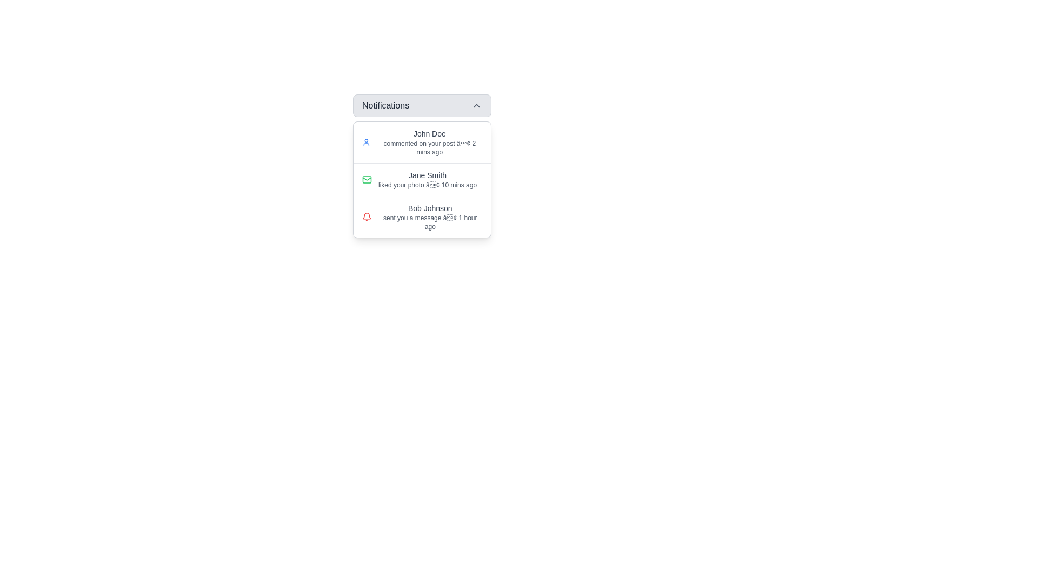 The width and height of the screenshot is (1038, 583). I want to click on the bell icon indicating a message notification for 'Bob Johnson sent you a message', so click(367, 216).